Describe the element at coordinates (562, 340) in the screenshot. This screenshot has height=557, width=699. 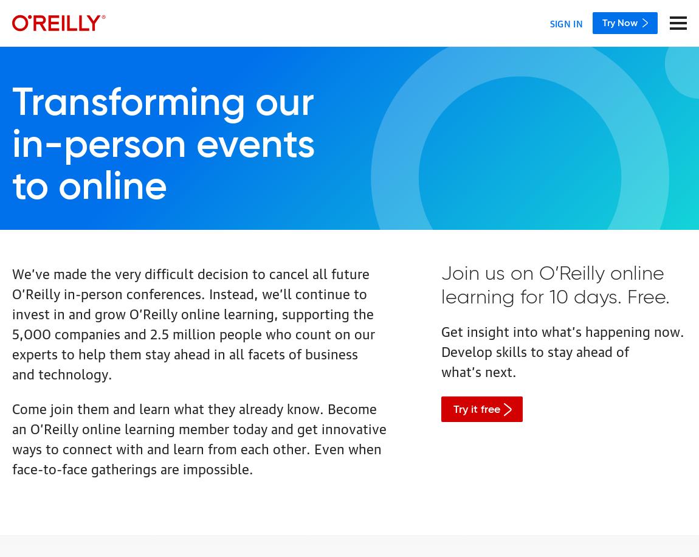
I see `'Get insight into what’s happening now. Develop skills to stay ahead of'` at that location.